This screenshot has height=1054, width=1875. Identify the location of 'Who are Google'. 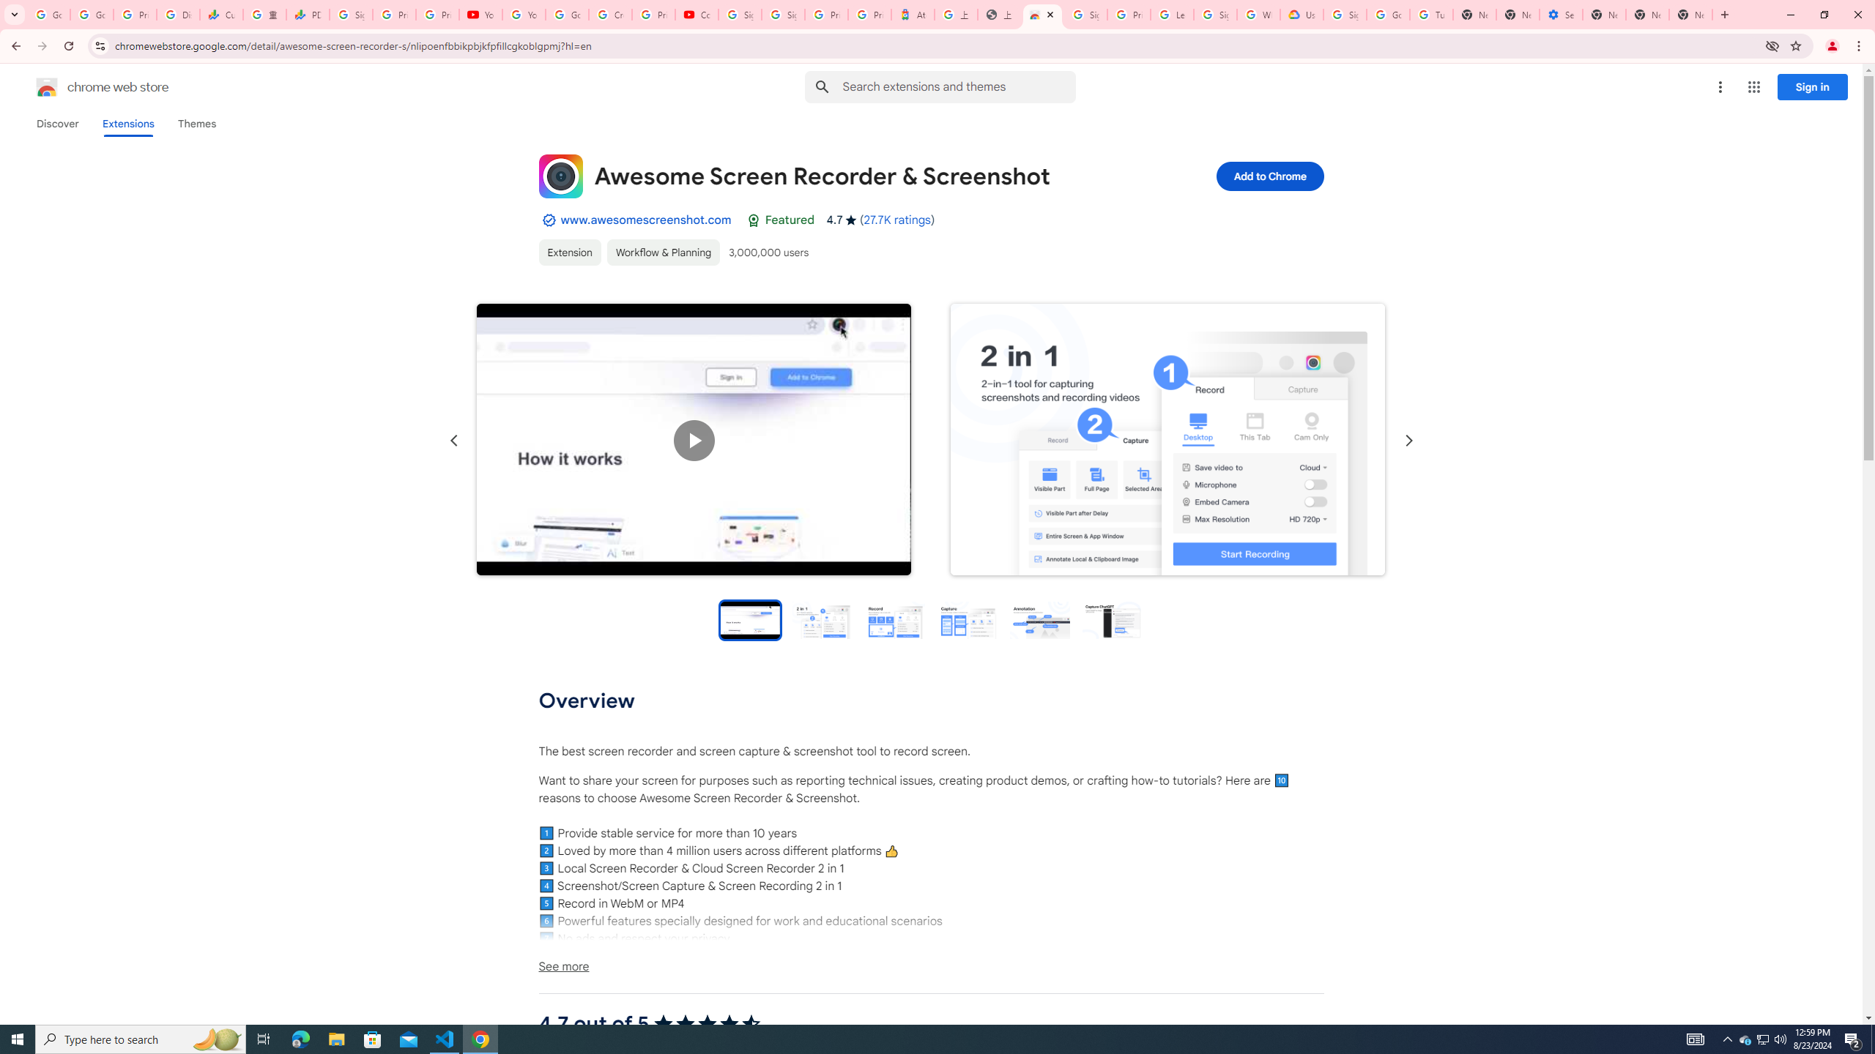
(1257, 14).